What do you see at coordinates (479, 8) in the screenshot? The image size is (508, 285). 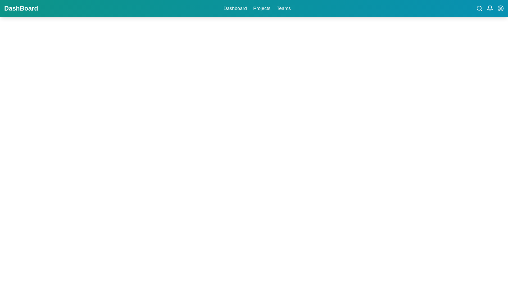 I see `SVG Circle that forms part of the search icon located in the top-right corner of the interface` at bounding box center [479, 8].